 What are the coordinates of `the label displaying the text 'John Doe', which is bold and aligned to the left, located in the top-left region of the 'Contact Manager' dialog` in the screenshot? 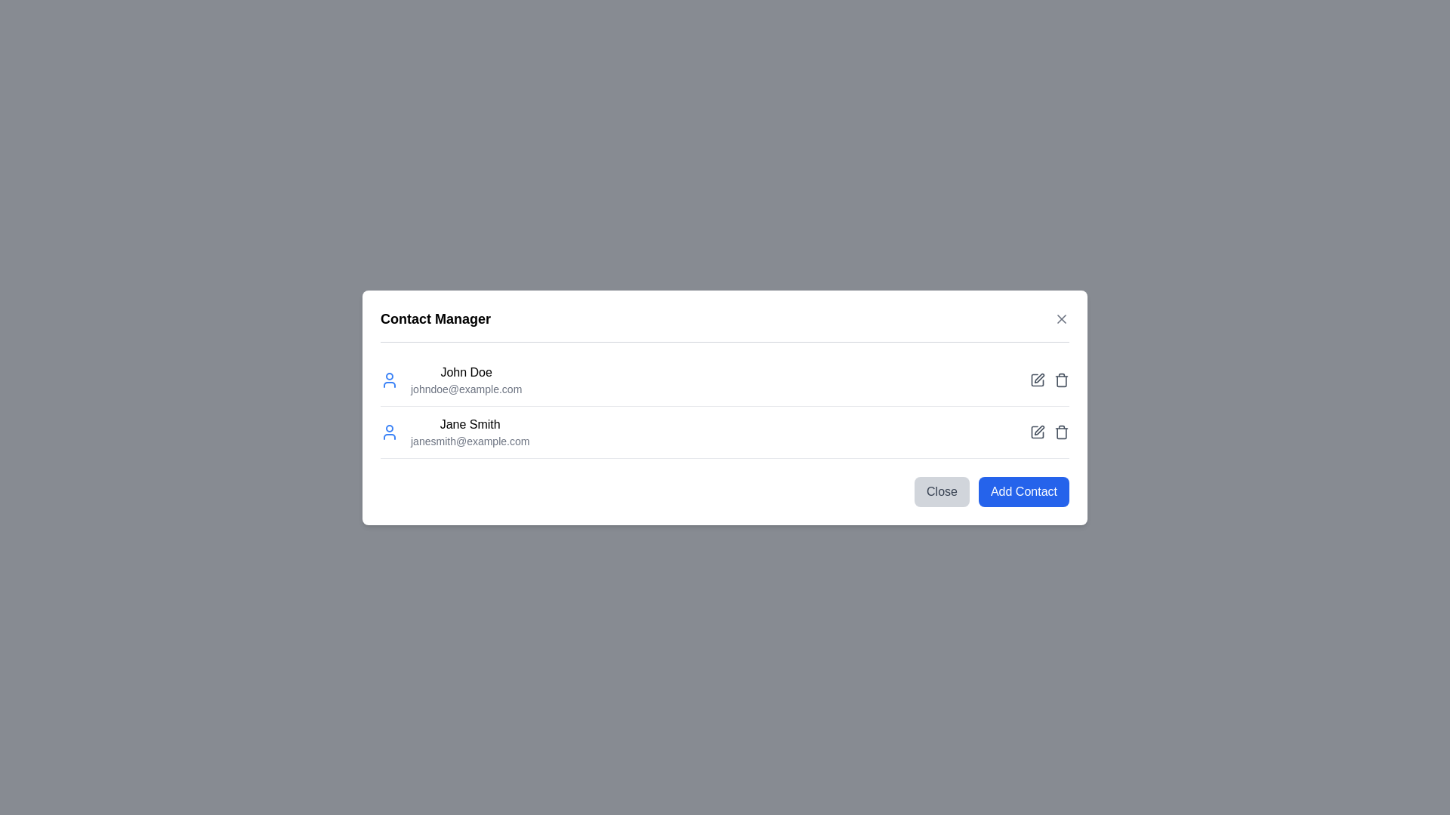 It's located at (465, 372).